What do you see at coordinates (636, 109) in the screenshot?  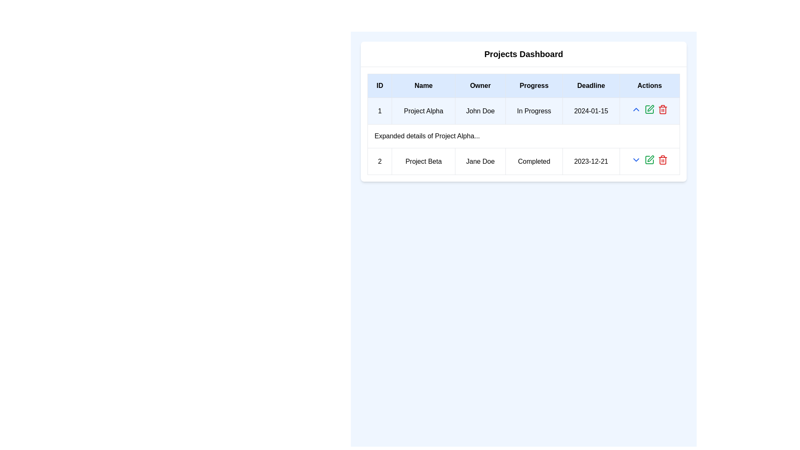 I see `the upward-pointing blue arrow icon located in the actions column of the second row in the table` at bounding box center [636, 109].